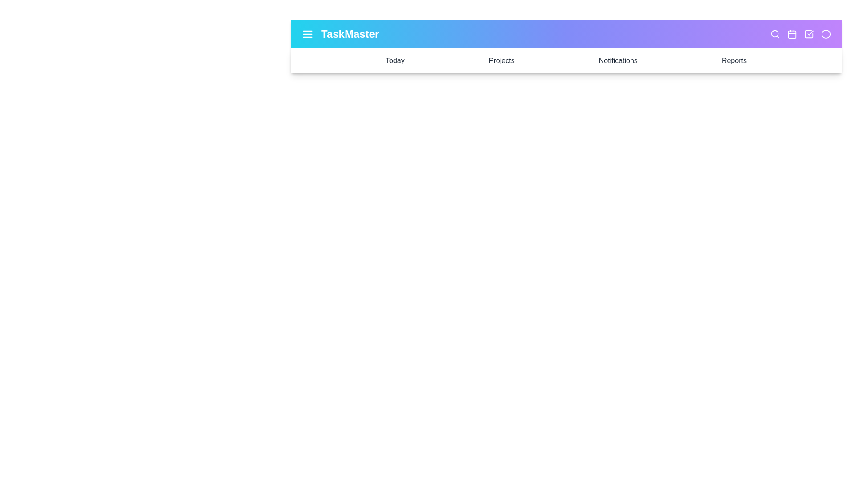 This screenshot has width=855, height=480. I want to click on the 'Notifications' menu item in the navigation bar, so click(617, 60).